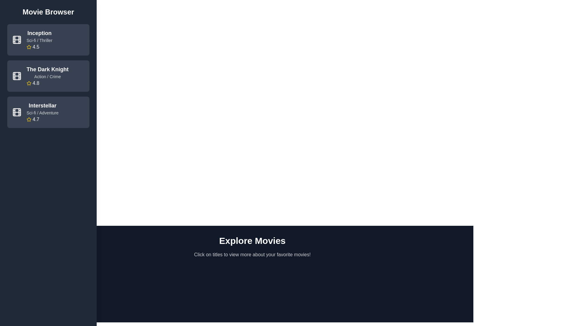  What do you see at coordinates (48, 112) in the screenshot?
I see `the movie titled 'Interstellar' to view its details` at bounding box center [48, 112].